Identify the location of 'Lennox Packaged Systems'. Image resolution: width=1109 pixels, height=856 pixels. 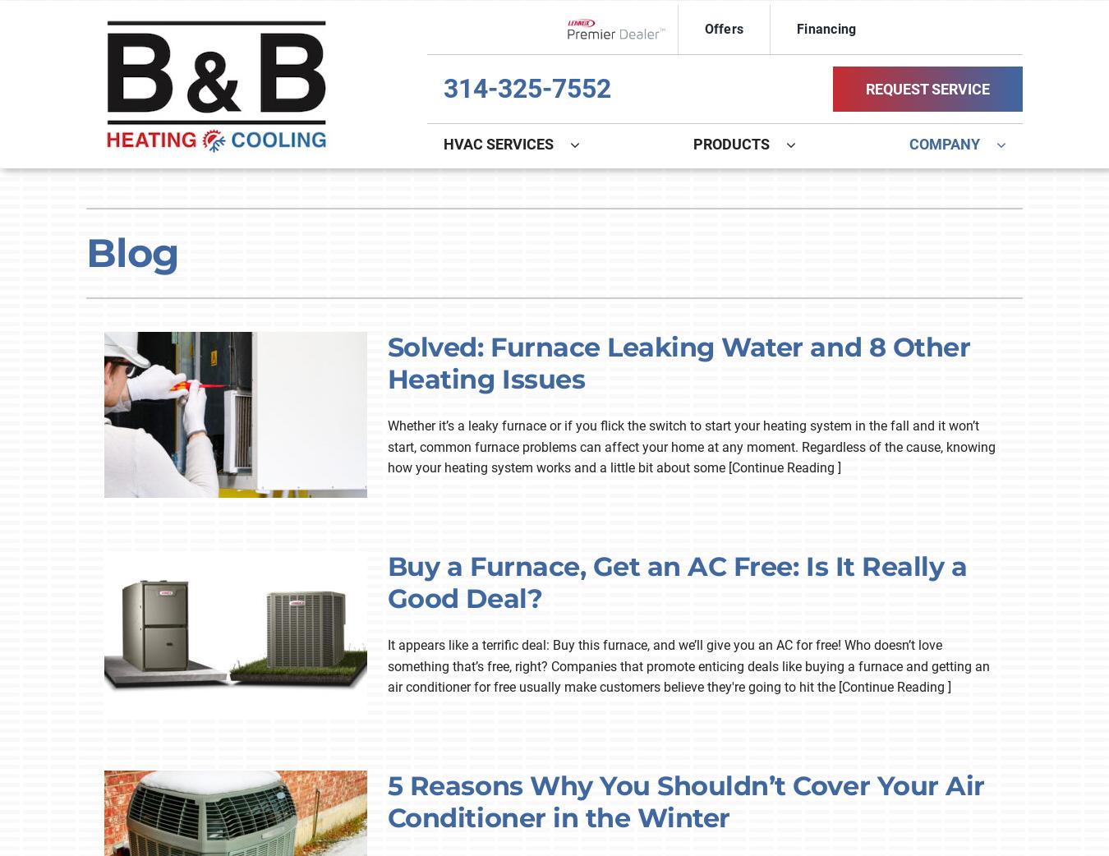
(181, 430).